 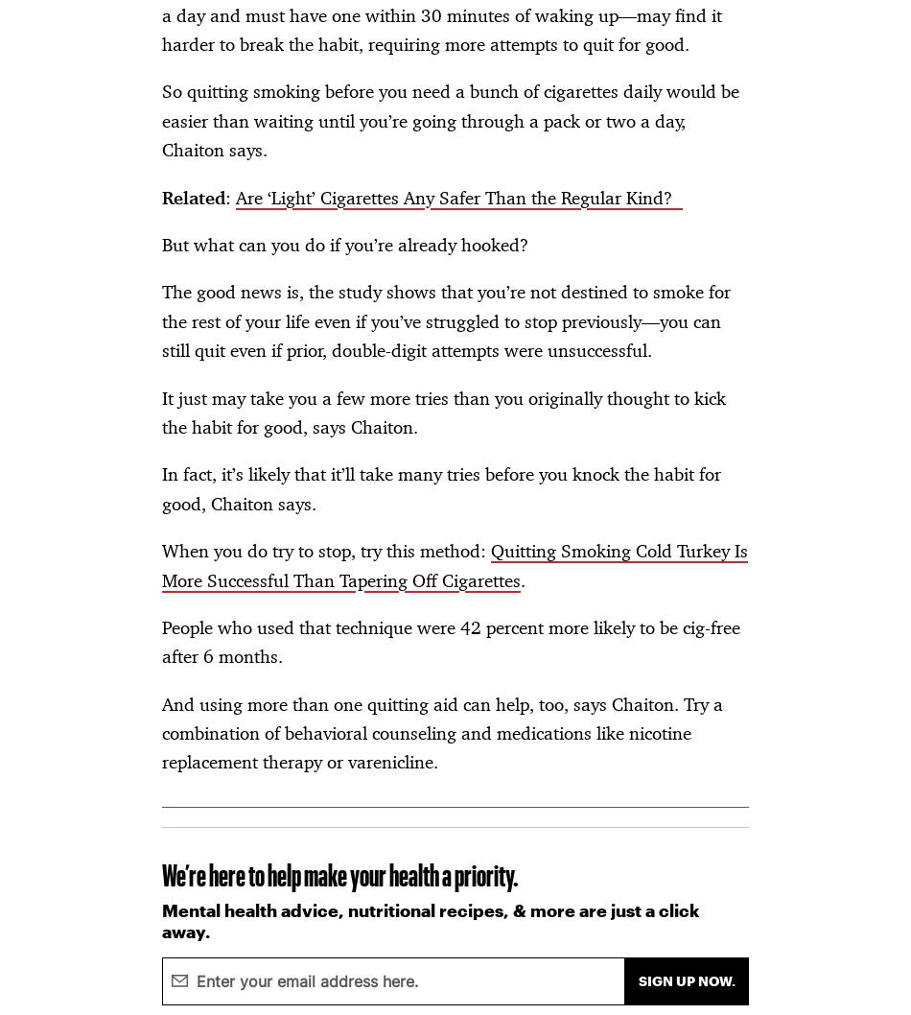 What do you see at coordinates (275, 108) in the screenshot?
I see `'Media Kit'` at bounding box center [275, 108].